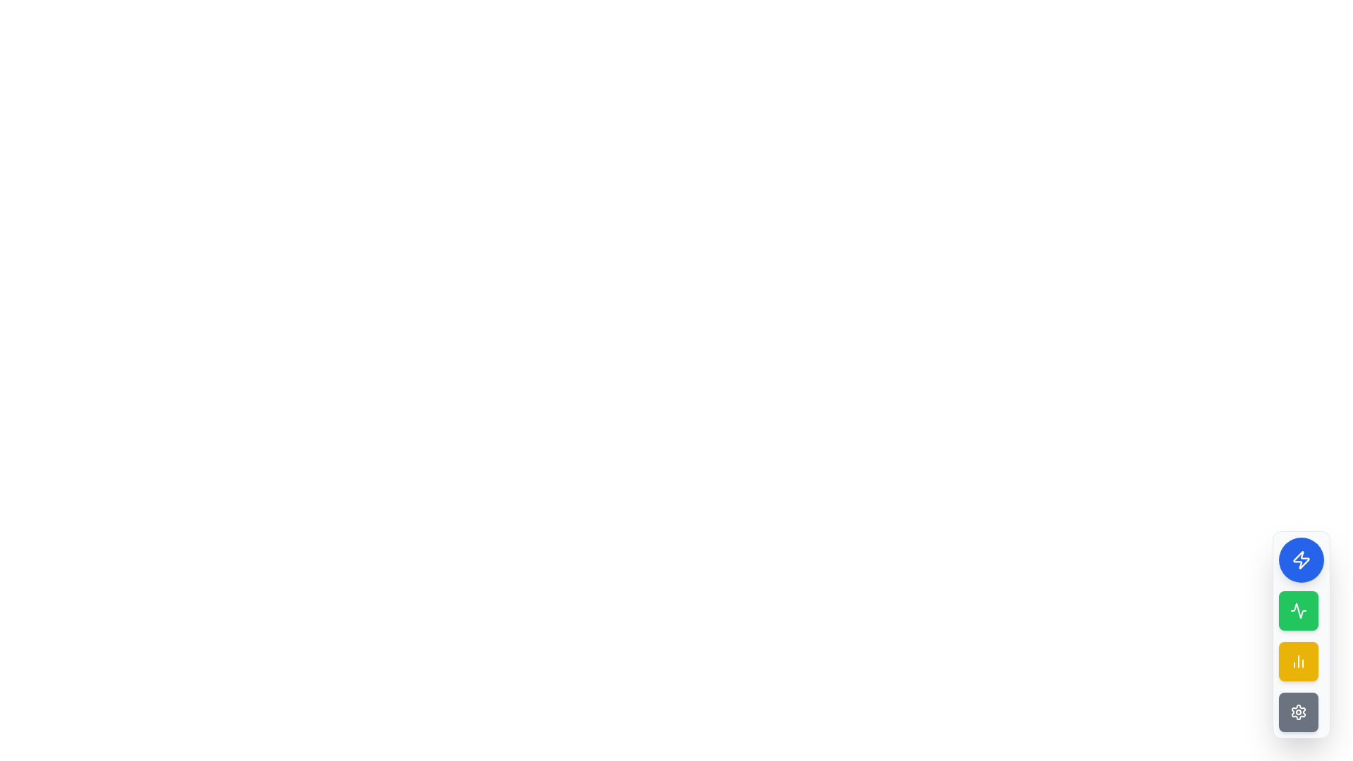 The height and width of the screenshot is (761, 1353). I want to click on the navigation button related to data visualization, located below the green button and above the gray button in the vertical stack on the right side of the interface, so click(1298, 661).